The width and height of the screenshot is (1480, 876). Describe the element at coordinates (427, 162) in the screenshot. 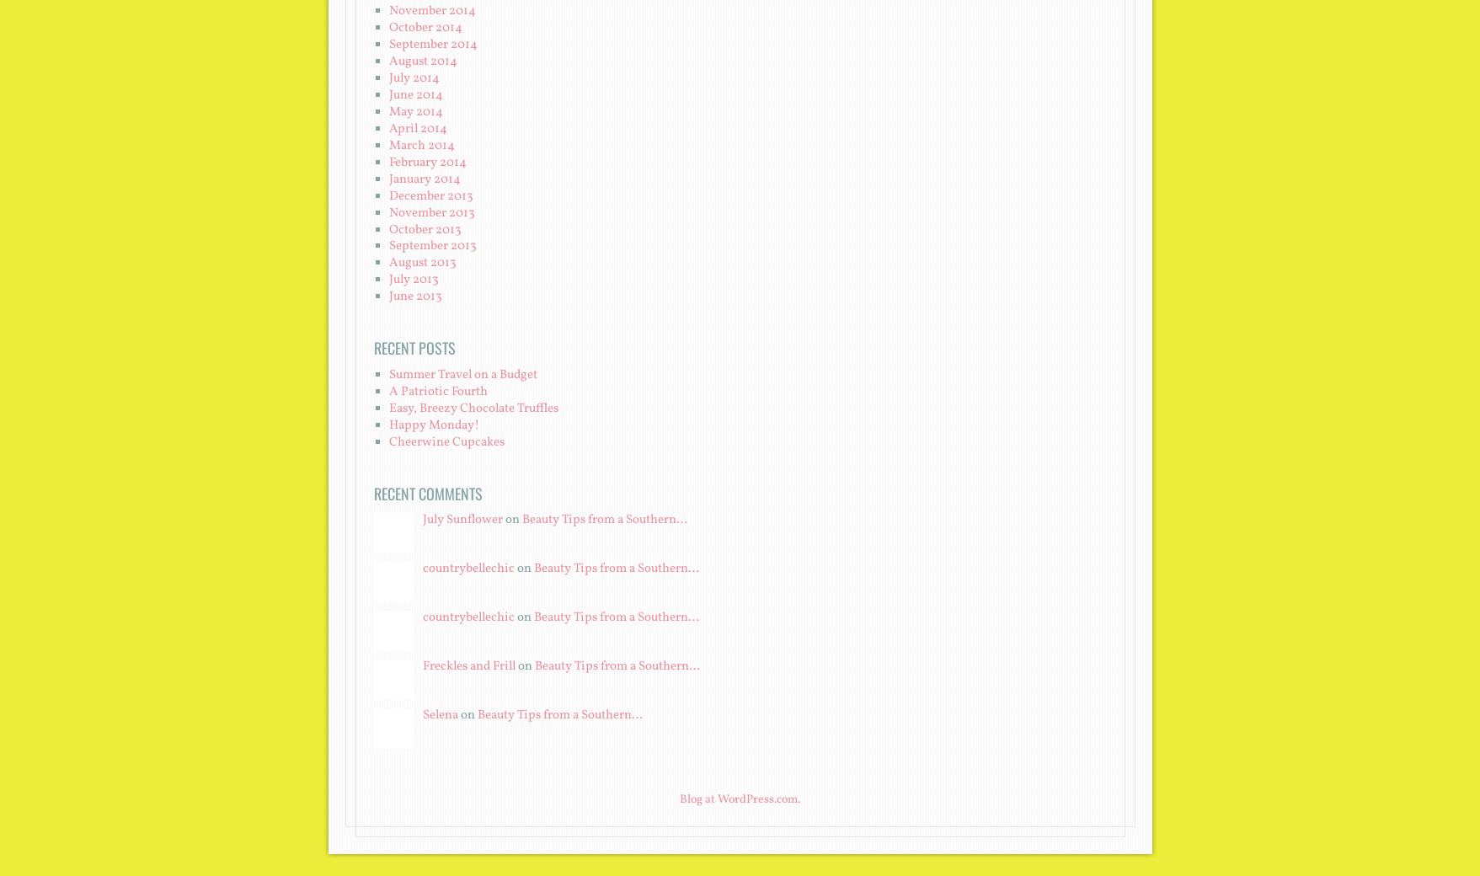

I see `'February 2014'` at that location.